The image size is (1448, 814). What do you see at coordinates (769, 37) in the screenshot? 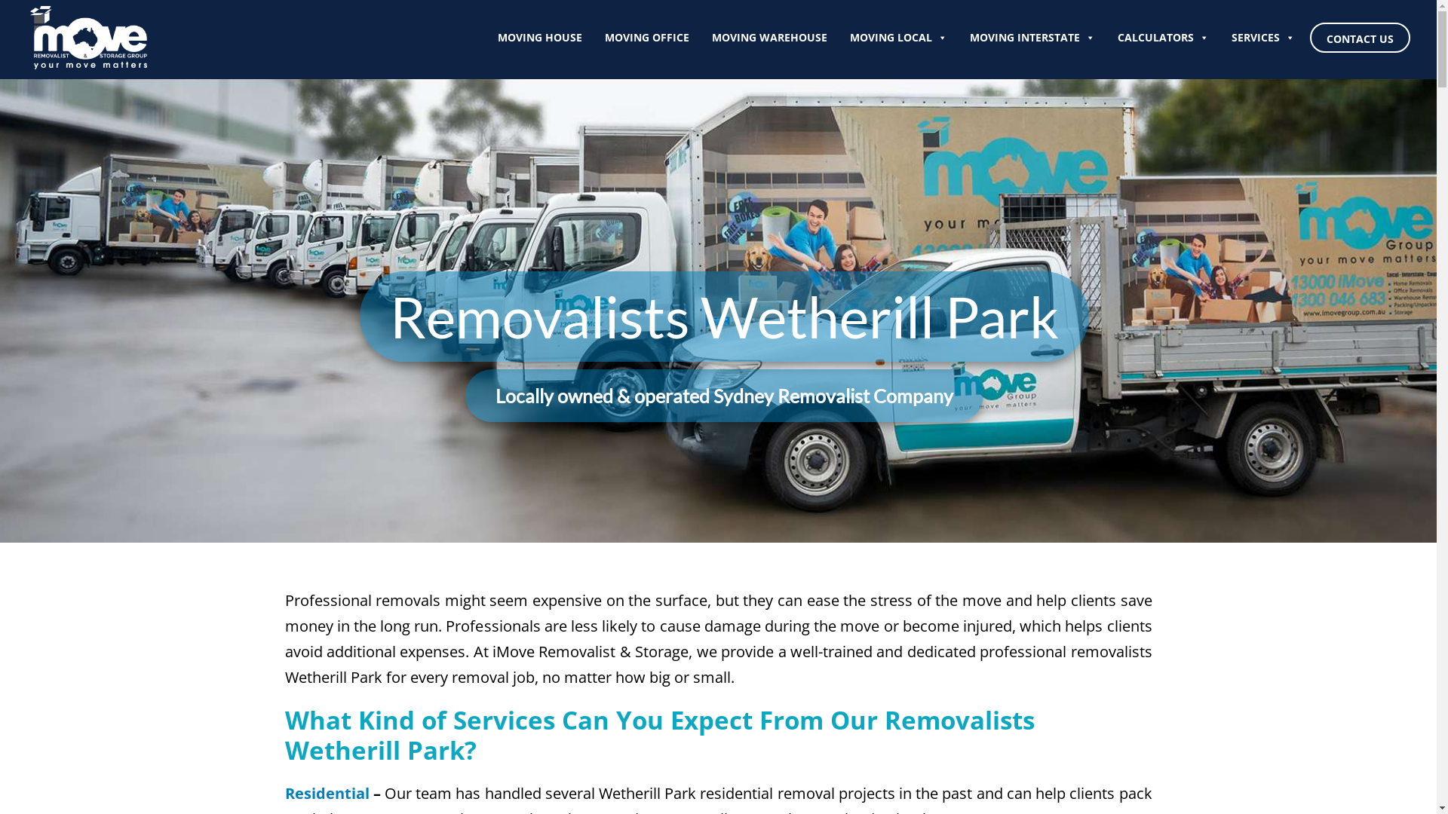
I see `'MOVING WAREHOUSE'` at bounding box center [769, 37].